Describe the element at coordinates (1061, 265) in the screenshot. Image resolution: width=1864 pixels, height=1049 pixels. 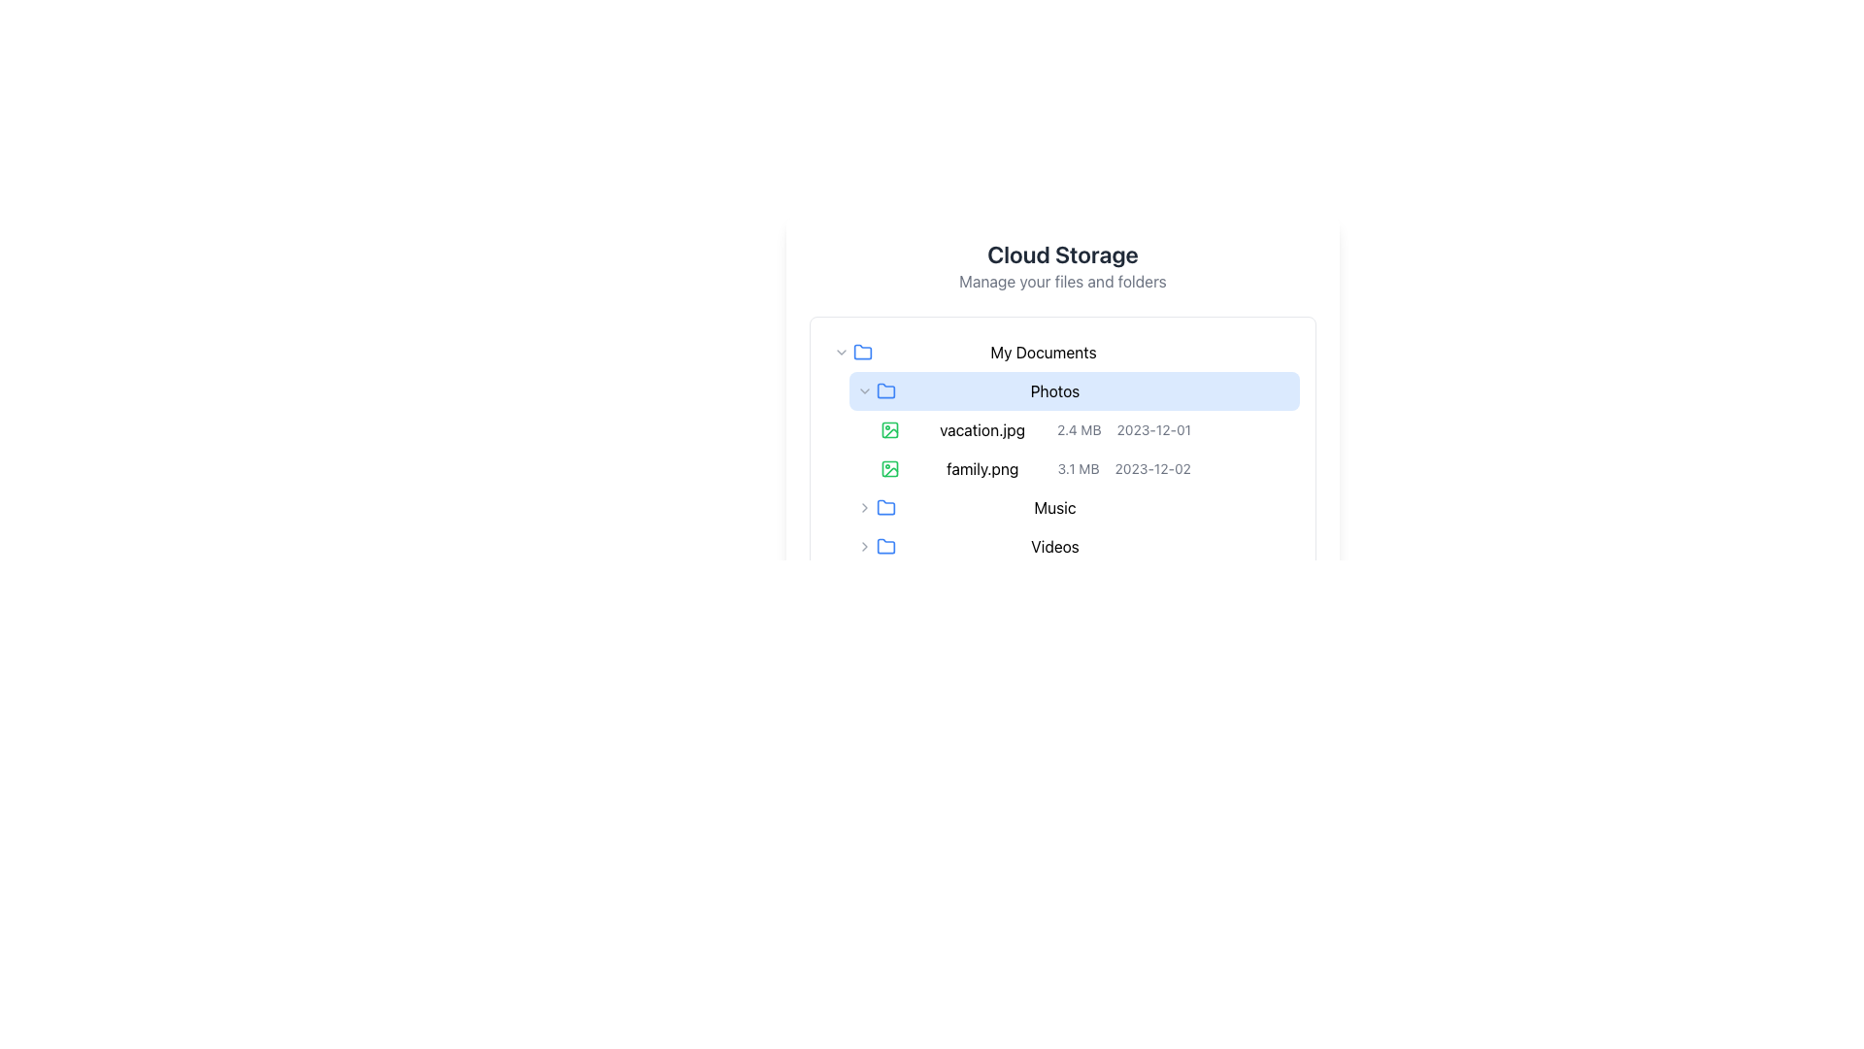
I see `the heading element that serves as a title and descriptive subtitle for the file management section, located at the top of the card layout` at that location.